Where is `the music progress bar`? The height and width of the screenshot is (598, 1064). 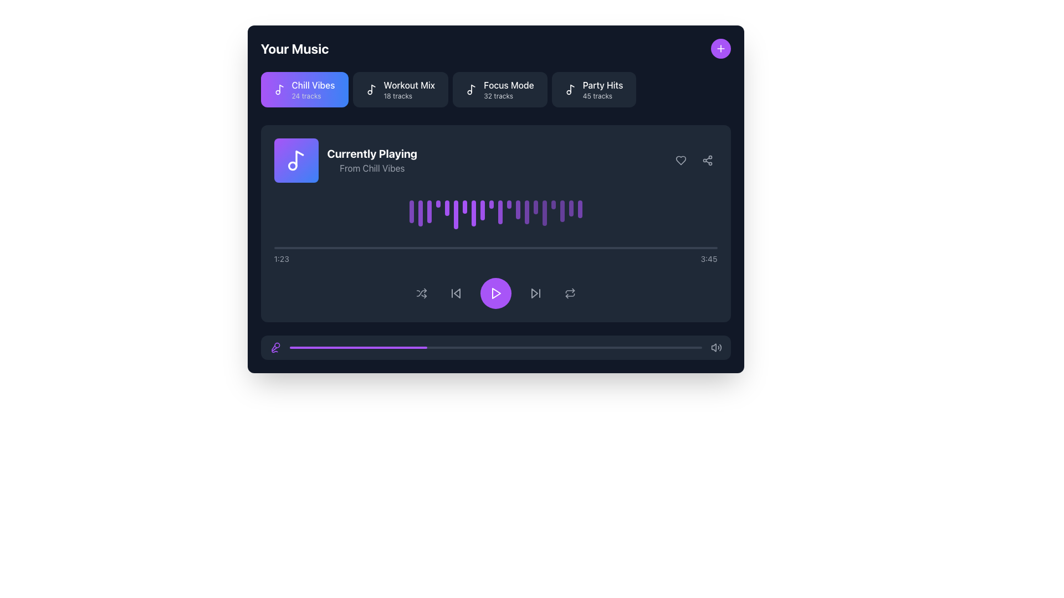 the music progress bar is located at coordinates (334, 347).